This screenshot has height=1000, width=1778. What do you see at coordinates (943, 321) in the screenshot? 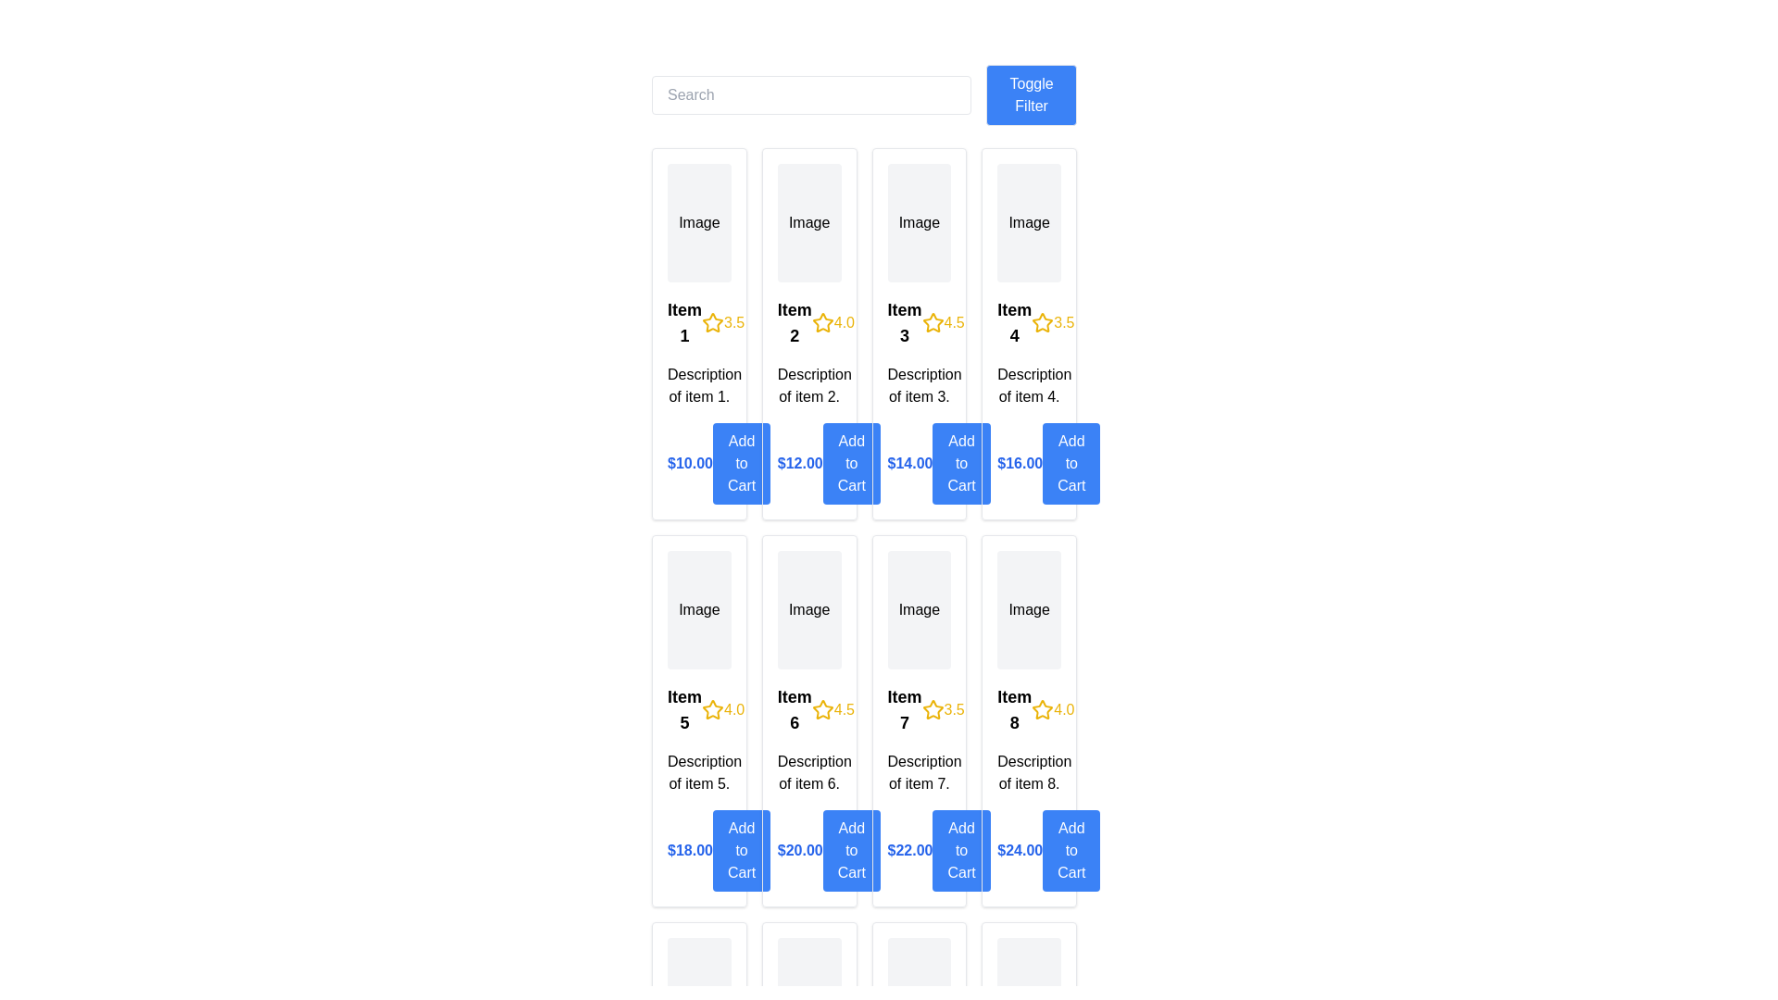
I see `the Rating display located in the third column under the 'Item 3' label, positioned to the right of the 'Item 3' text` at bounding box center [943, 321].